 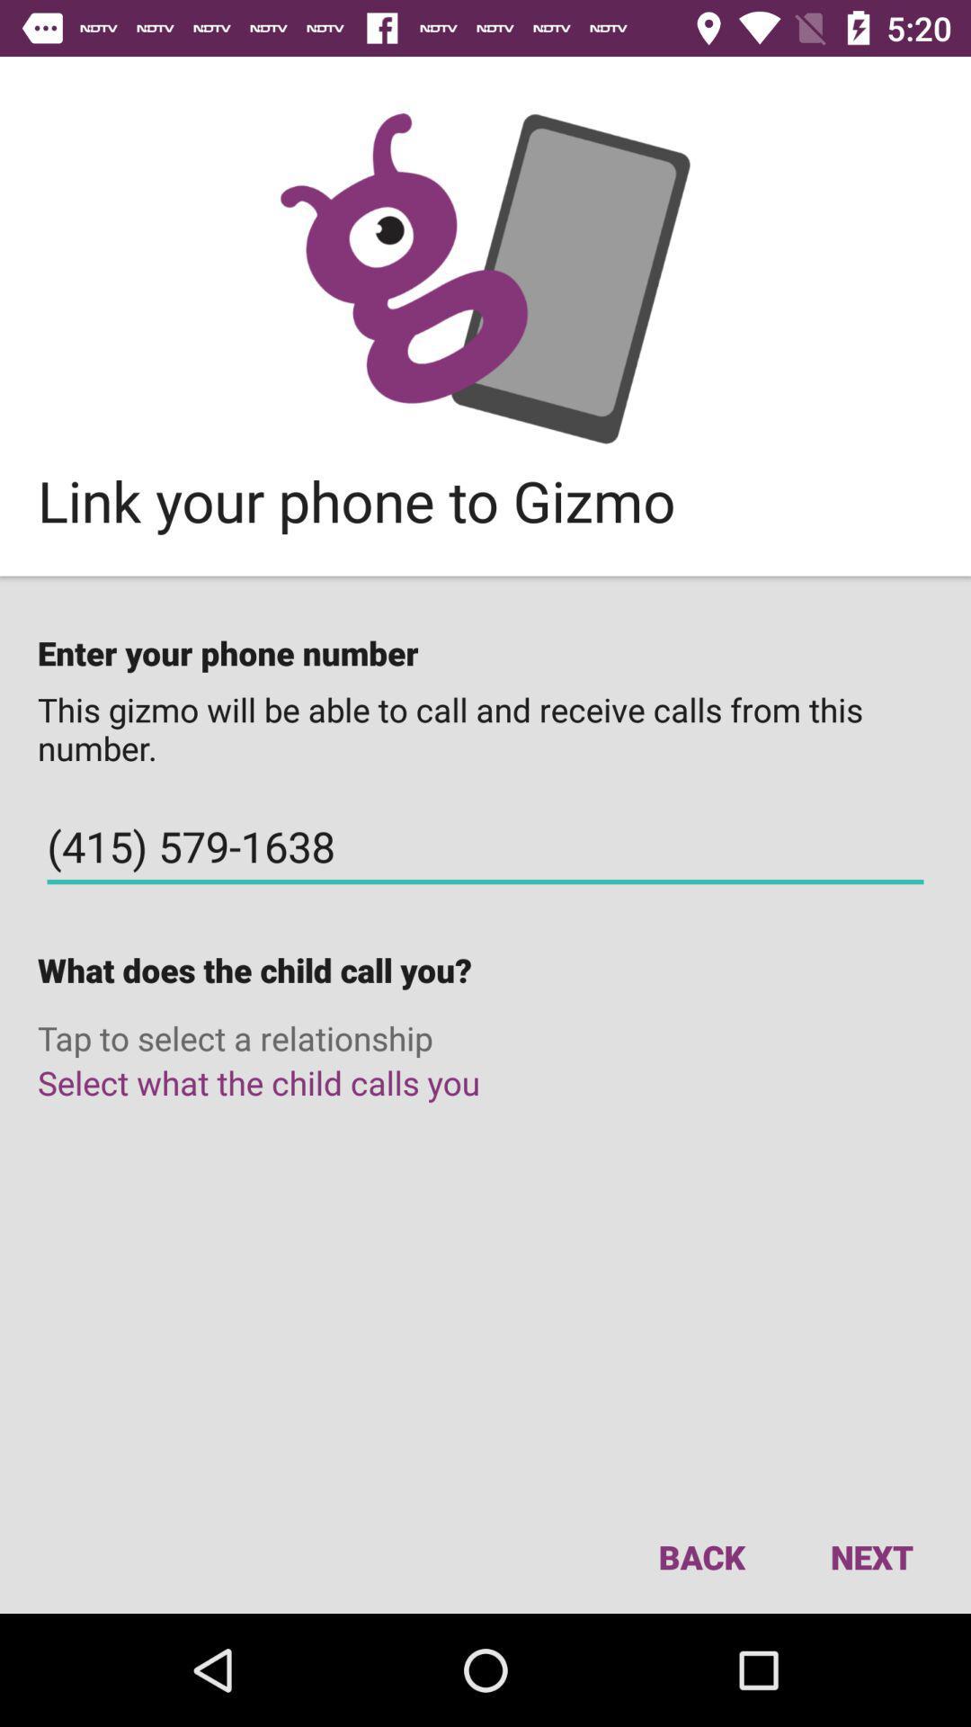 I want to click on next item, so click(x=870, y=1556).